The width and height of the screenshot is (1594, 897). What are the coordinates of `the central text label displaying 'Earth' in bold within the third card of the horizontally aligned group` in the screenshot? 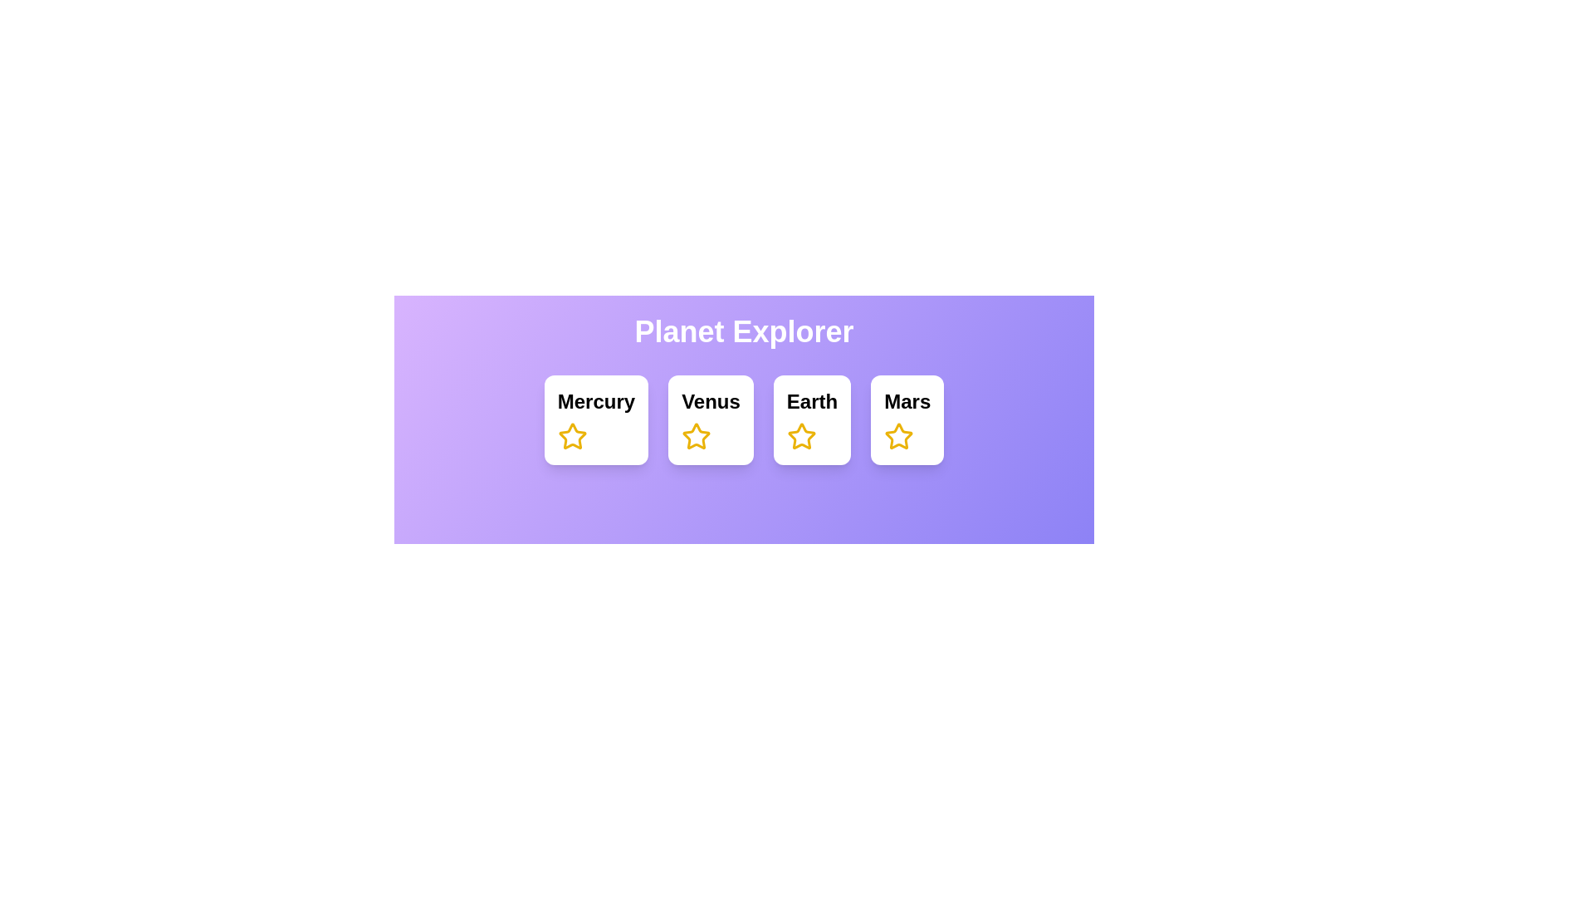 It's located at (812, 401).